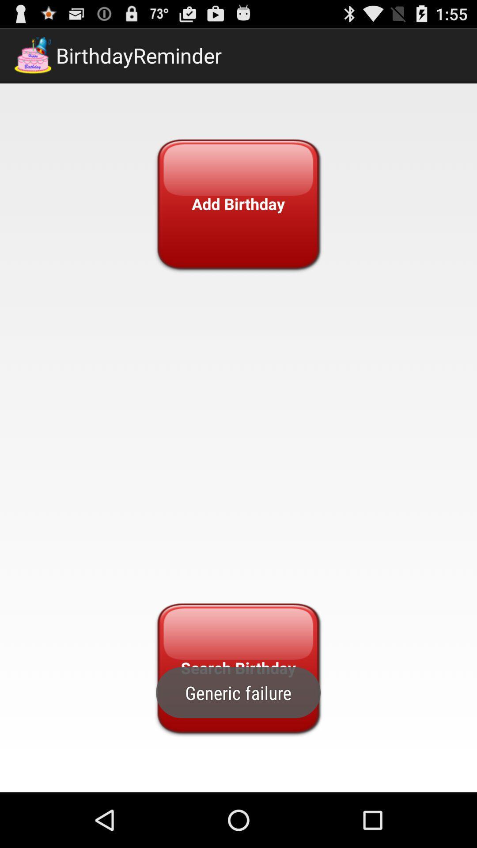 This screenshot has height=848, width=477. I want to click on search birthday icon, so click(238, 668).